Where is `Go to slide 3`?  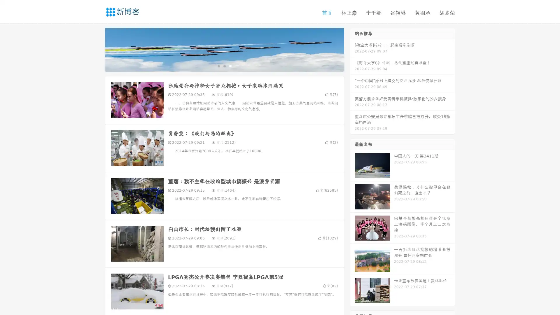 Go to slide 3 is located at coordinates (230, 66).